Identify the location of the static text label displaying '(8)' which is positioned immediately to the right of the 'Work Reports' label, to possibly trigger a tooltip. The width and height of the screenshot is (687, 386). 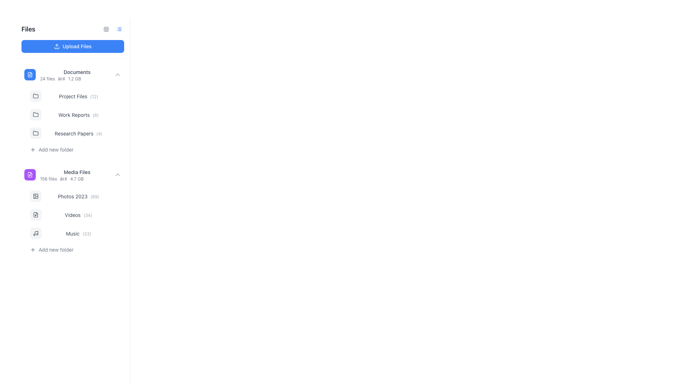
(95, 115).